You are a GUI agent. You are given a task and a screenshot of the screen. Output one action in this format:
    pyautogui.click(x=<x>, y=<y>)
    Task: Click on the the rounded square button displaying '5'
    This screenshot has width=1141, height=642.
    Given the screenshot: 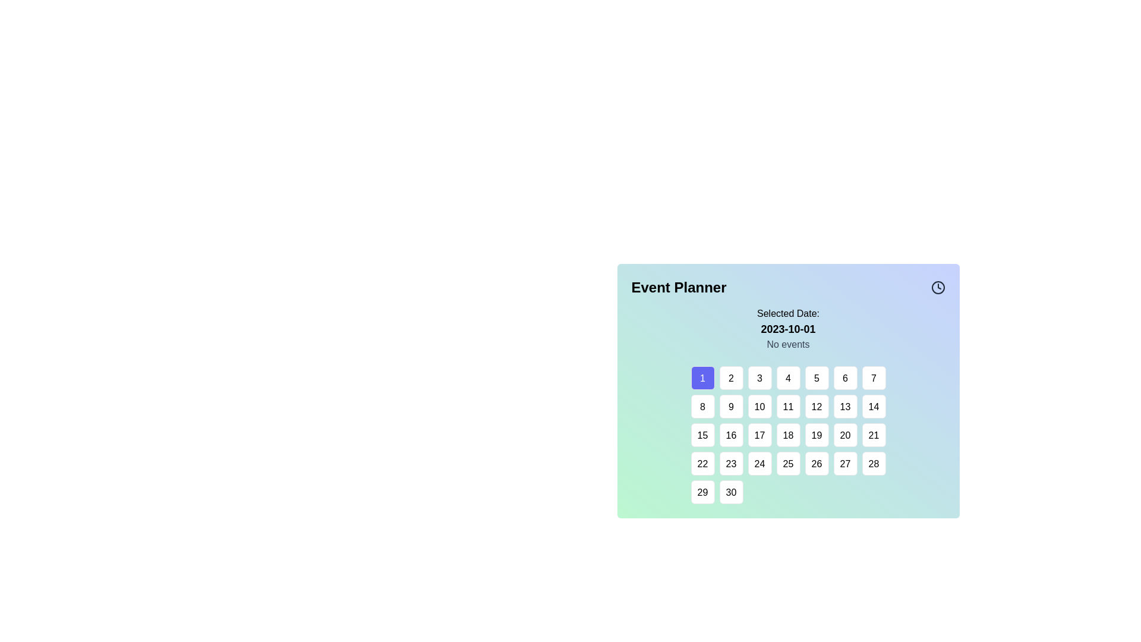 What is the action you would take?
    pyautogui.click(x=816, y=378)
    